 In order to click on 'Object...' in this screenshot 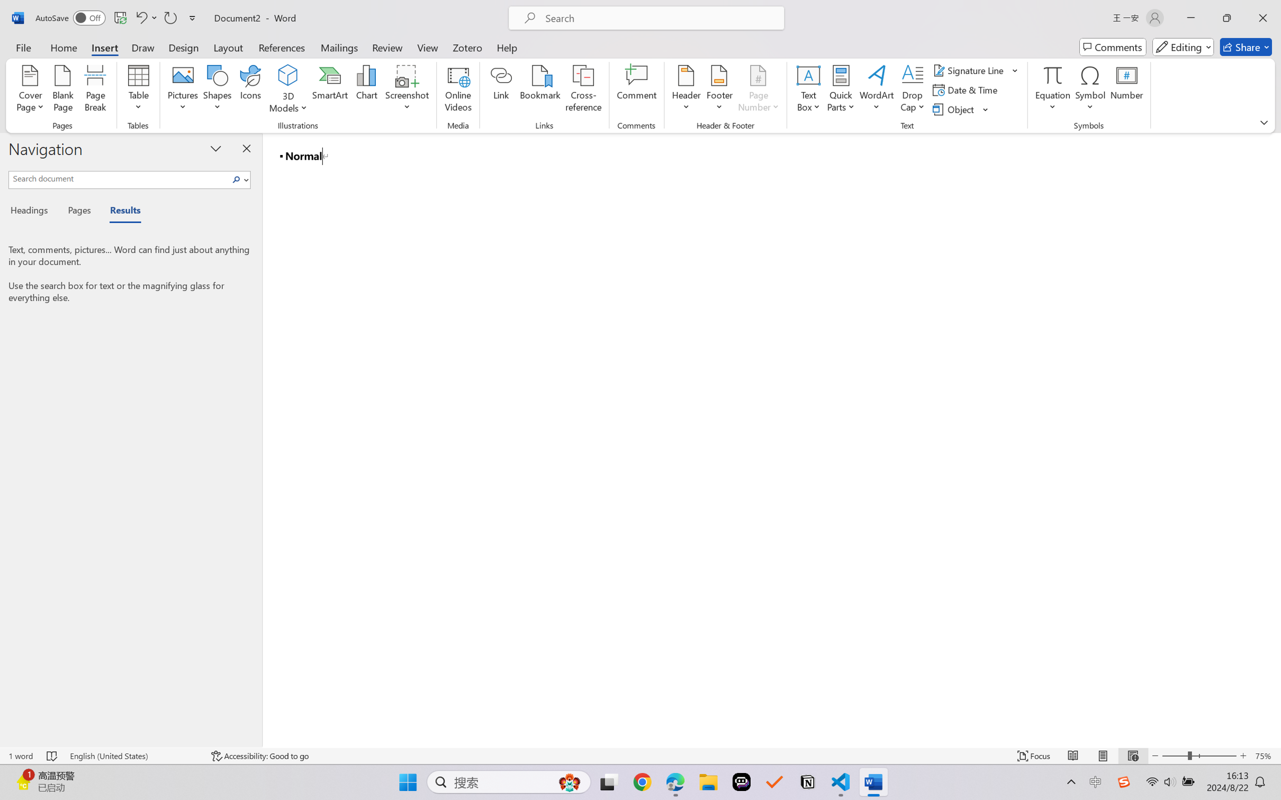, I will do `click(961, 110)`.